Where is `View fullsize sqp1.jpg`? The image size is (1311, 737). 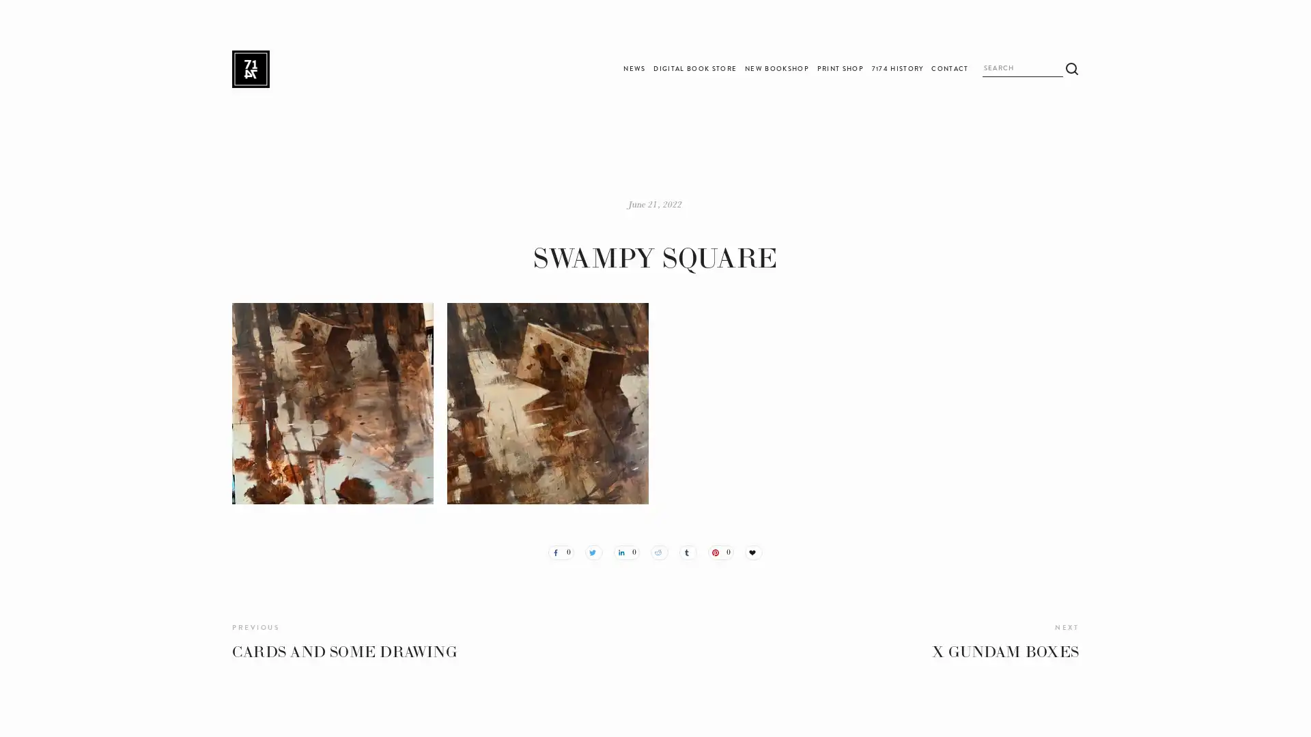
View fullsize sqp1.jpg is located at coordinates (548, 402).